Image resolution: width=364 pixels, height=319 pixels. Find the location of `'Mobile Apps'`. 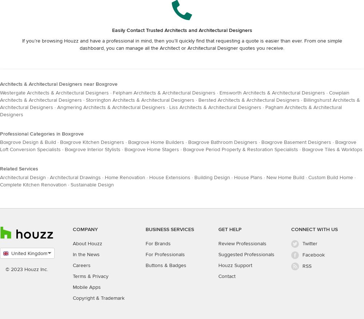

'Mobile Apps' is located at coordinates (86, 287).